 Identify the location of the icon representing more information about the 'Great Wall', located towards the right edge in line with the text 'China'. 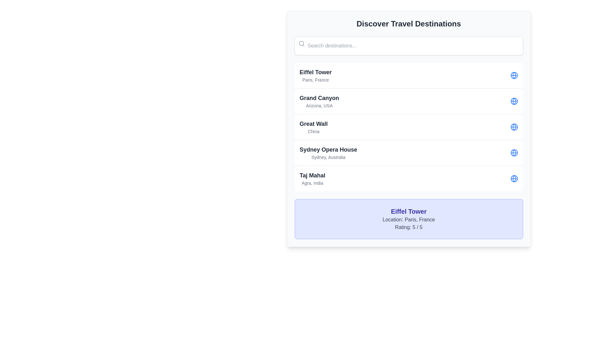
(514, 127).